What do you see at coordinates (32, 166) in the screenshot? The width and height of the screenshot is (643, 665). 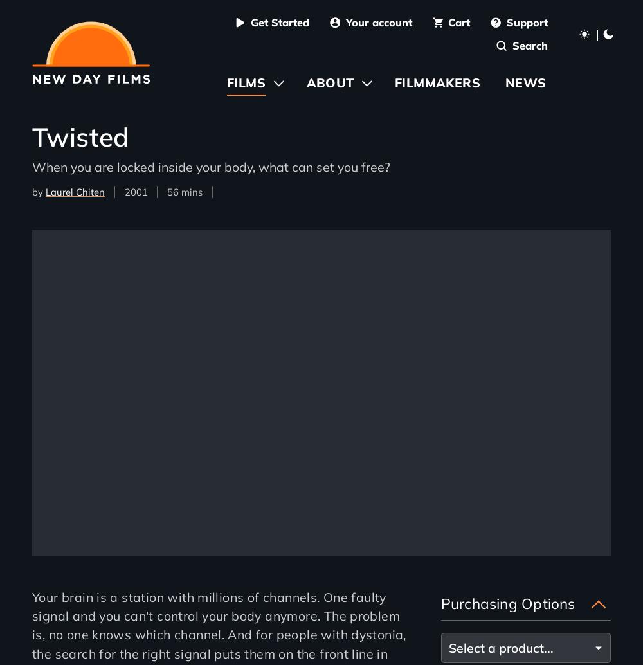 I see `'When you are locked inside your body, what can set you free?'` at bounding box center [32, 166].